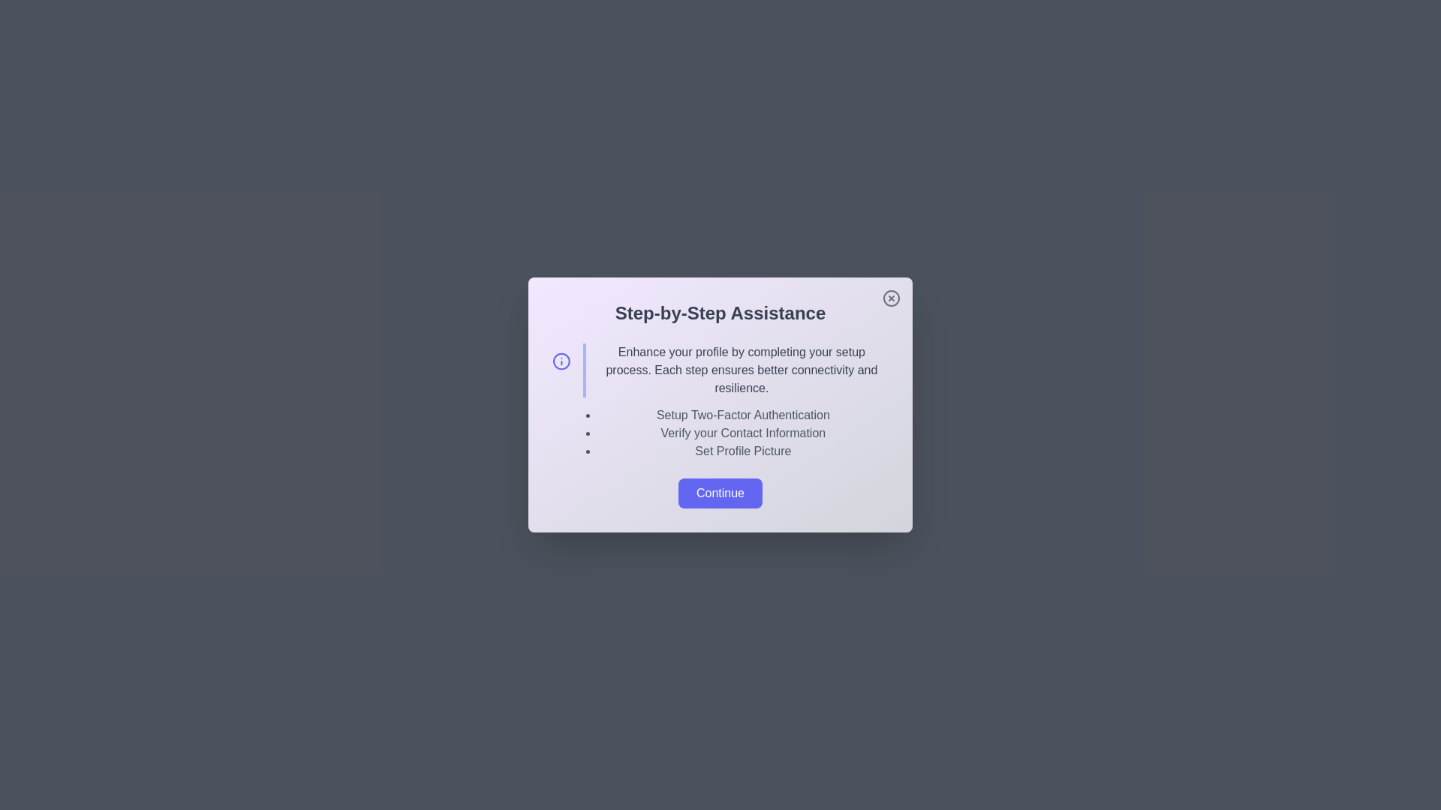 The height and width of the screenshot is (810, 1441). What do you see at coordinates (720, 493) in the screenshot?
I see `the 'Continue' button to proceed` at bounding box center [720, 493].